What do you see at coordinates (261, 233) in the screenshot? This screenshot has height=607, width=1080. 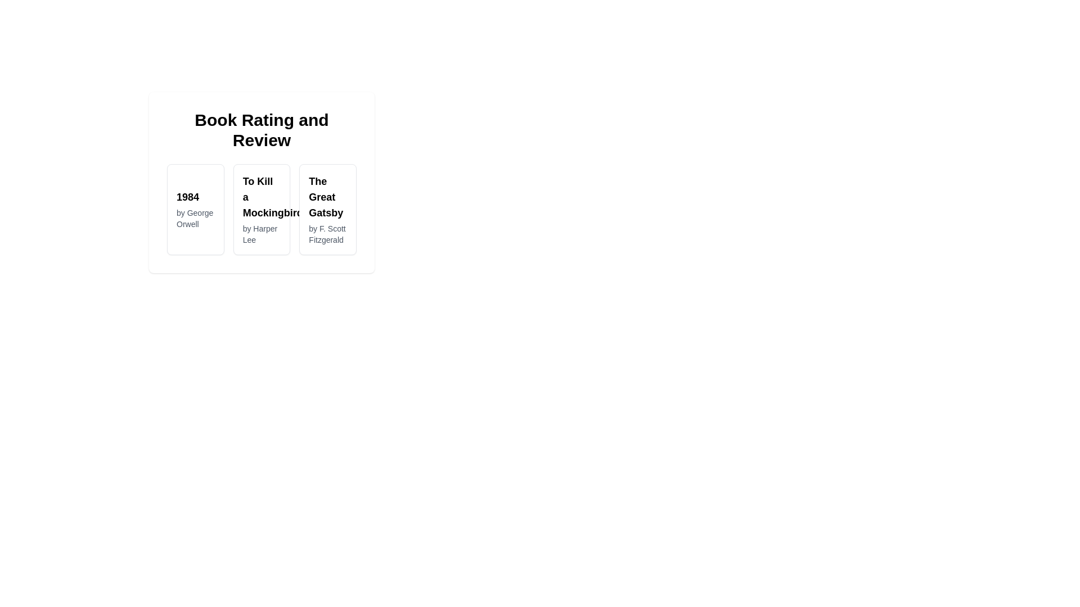 I see `the text label displaying the author information for the book 'To Kill a Mockingbird', which is located below the main title in the middle card of three horizontally aligned cards` at bounding box center [261, 233].